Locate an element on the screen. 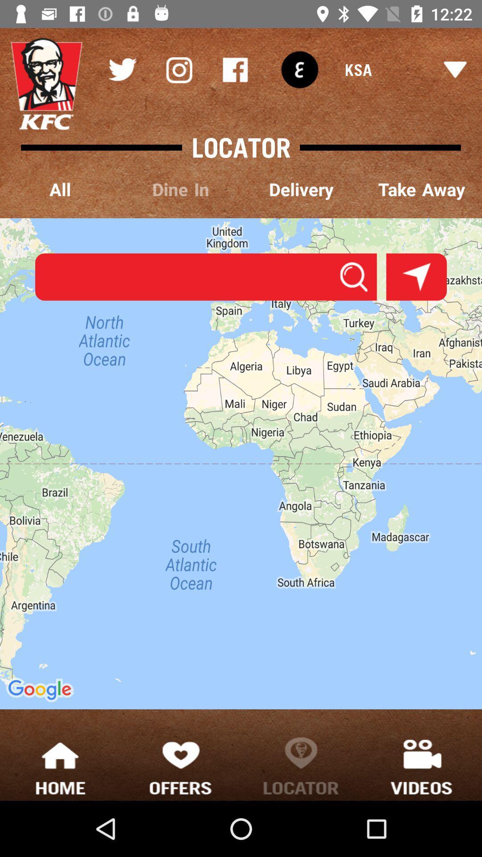  the item to the left of take away is located at coordinates (301, 190).